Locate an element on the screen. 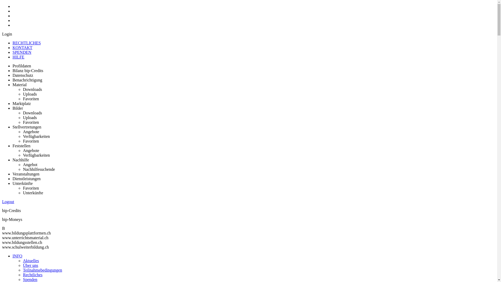  'Profildaten' is located at coordinates (21, 66).